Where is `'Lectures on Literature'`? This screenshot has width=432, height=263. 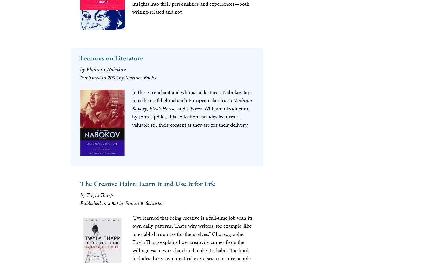
'Lectures on Literature' is located at coordinates (111, 58).